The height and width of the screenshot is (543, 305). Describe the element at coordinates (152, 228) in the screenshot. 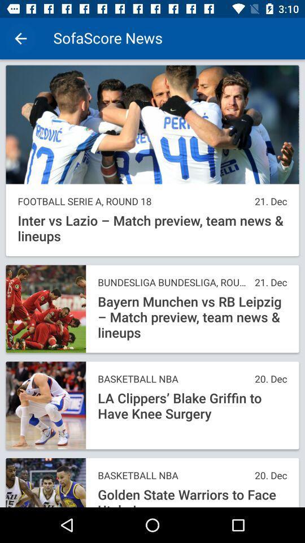

I see `the item below the football serie a item` at that location.